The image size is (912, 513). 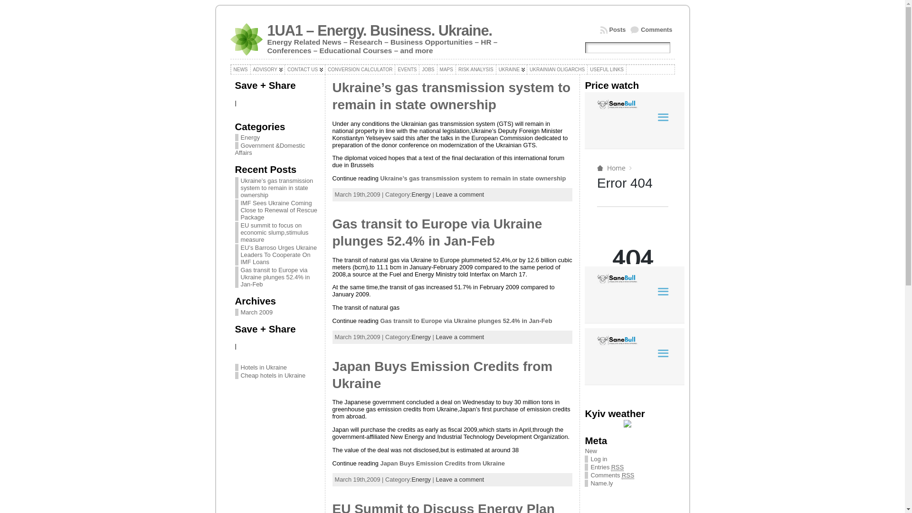 I want to click on 'EVENTS', so click(x=407, y=69).